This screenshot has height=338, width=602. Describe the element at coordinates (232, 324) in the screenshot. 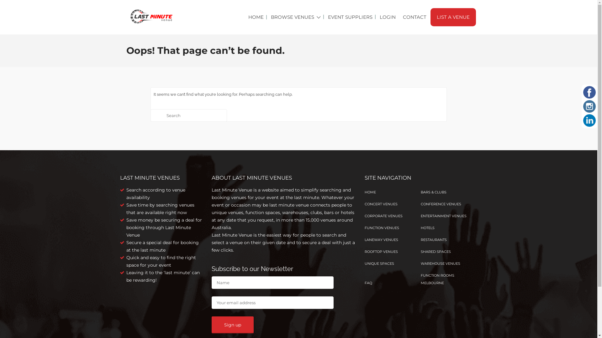

I see `'Sign up'` at that location.